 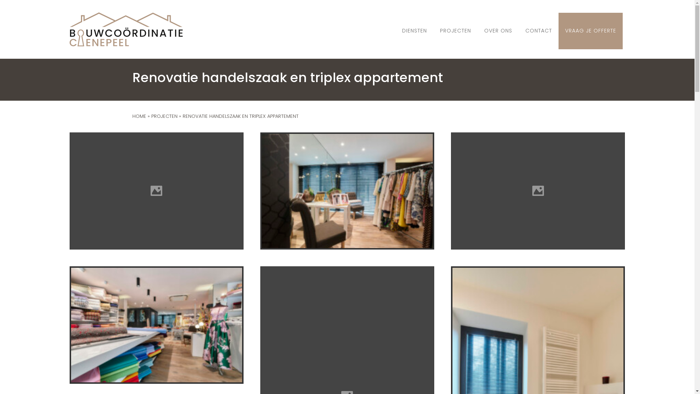 What do you see at coordinates (415, 30) in the screenshot?
I see `'DIENSTEN'` at bounding box center [415, 30].